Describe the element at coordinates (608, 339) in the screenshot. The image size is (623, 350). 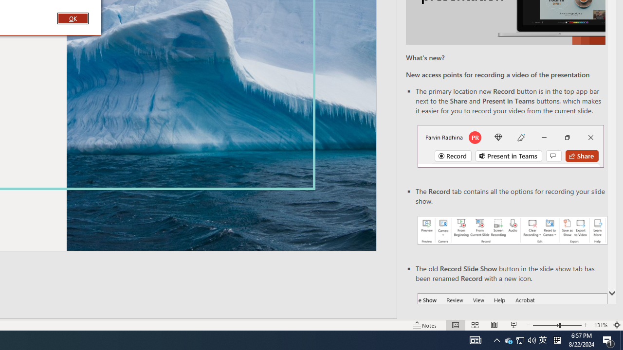
I see `'Action Center, 1 new notification'` at that location.